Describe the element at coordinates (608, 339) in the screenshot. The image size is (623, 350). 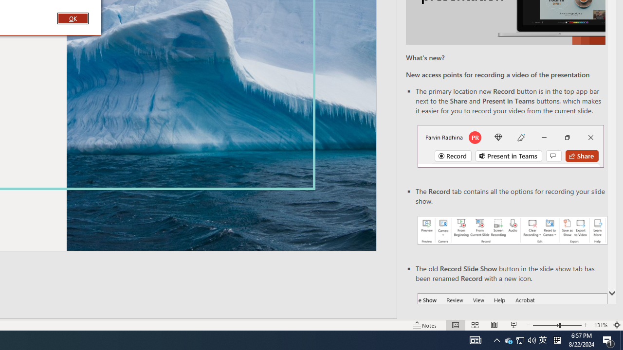
I see `'Action Center, 1 new notification'` at that location.